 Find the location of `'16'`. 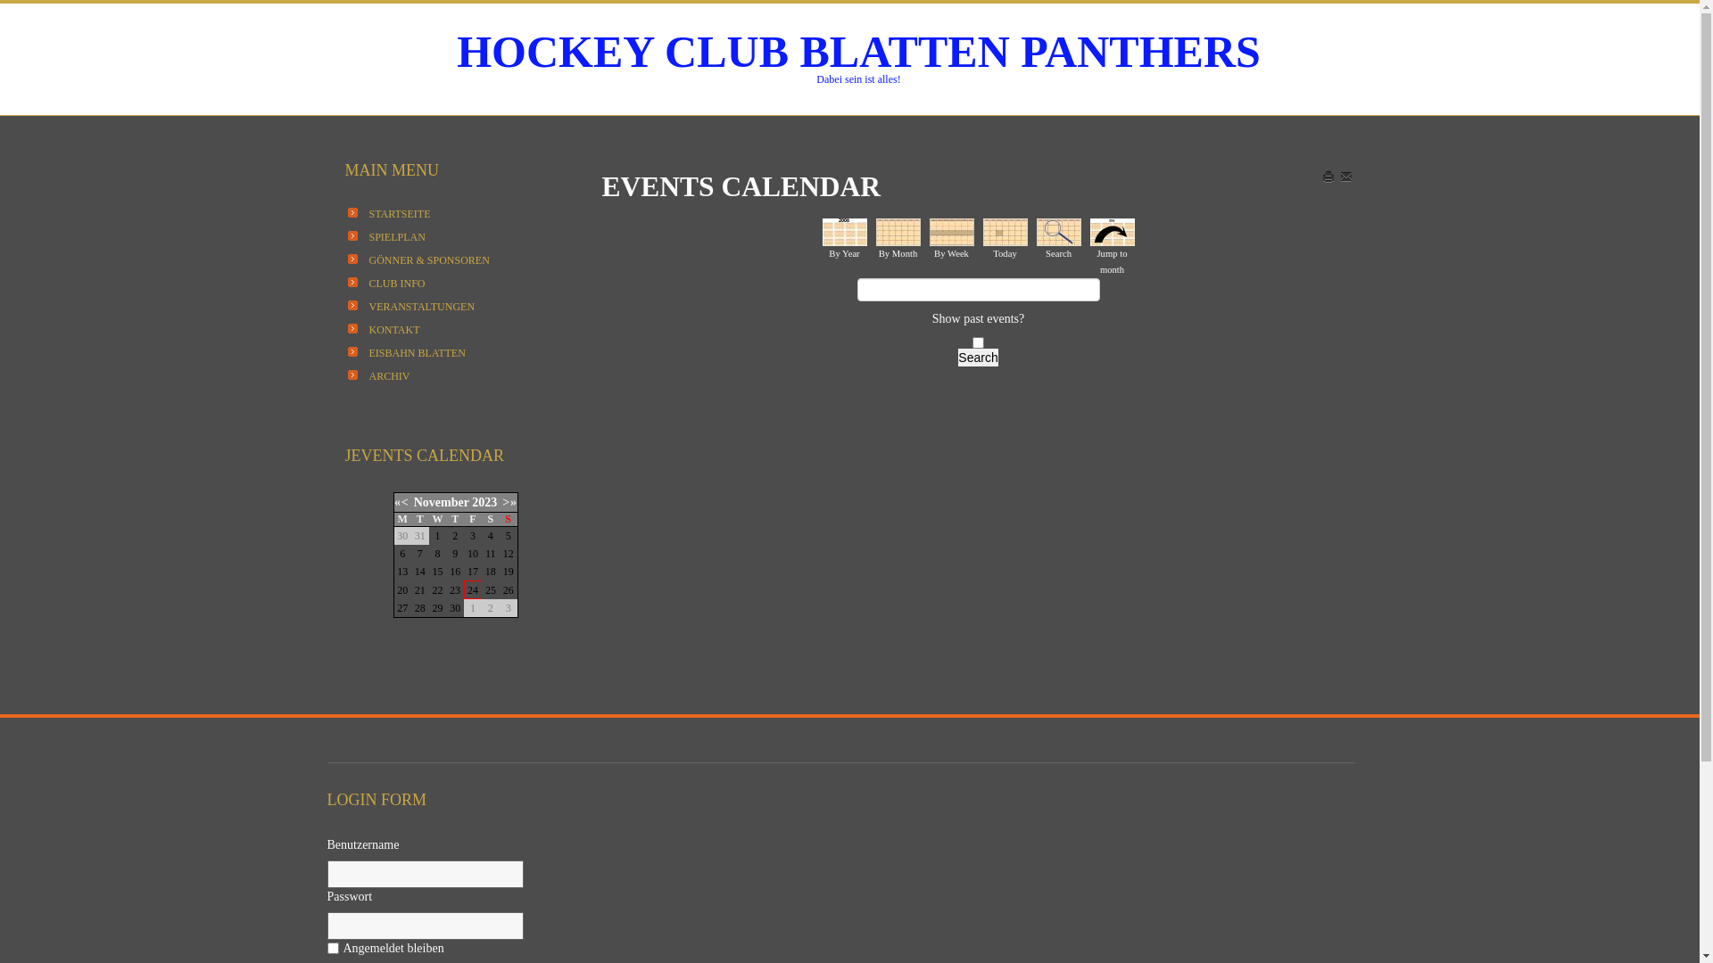

'16' is located at coordinates (454, 571).